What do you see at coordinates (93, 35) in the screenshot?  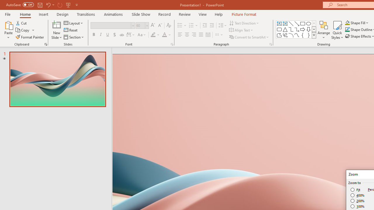 I see `'Bold'` at bounding box center [93, 35].